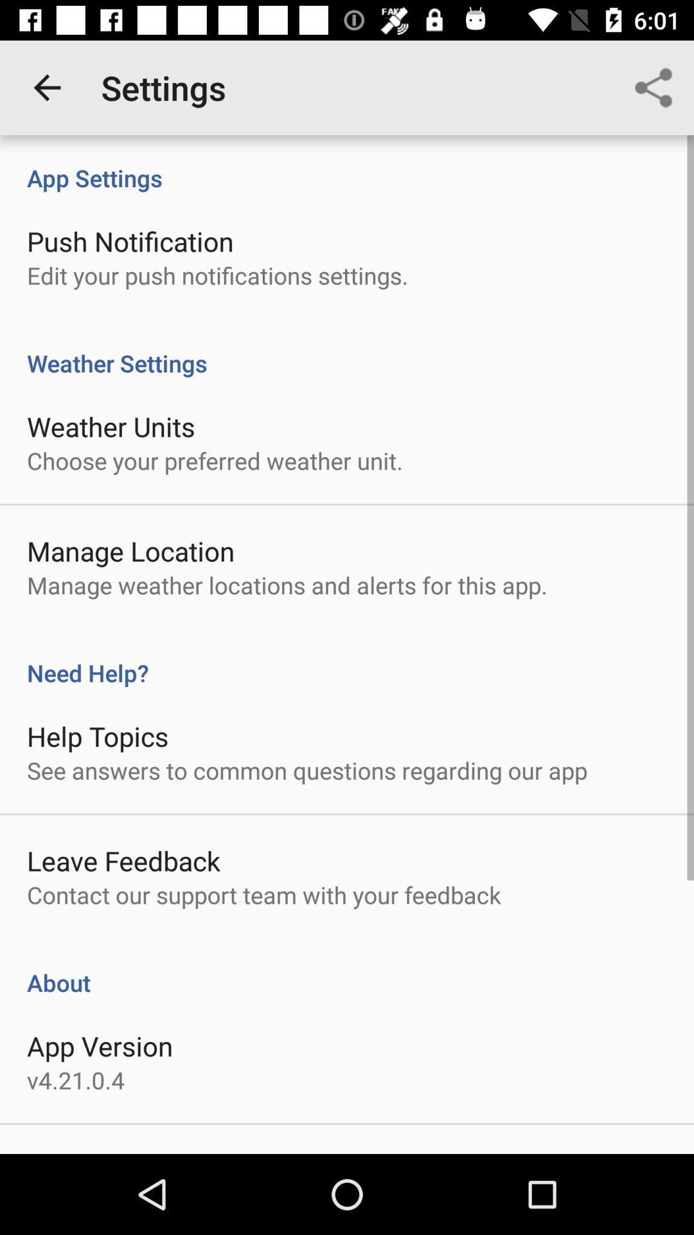 Image resolution: width=694 pixels, height=1235 pixels. I want to click on app settings icon, so click(347, 163).